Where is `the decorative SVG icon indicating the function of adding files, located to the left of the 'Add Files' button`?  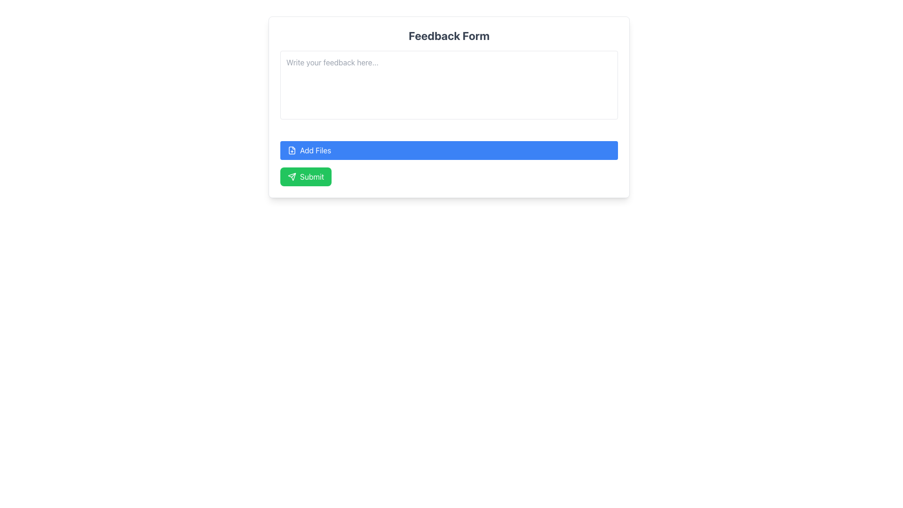 the decorative SVG icon indicating the function of adding files, located to the left of the 'Add Files' button is located at coordinates (291, 150).